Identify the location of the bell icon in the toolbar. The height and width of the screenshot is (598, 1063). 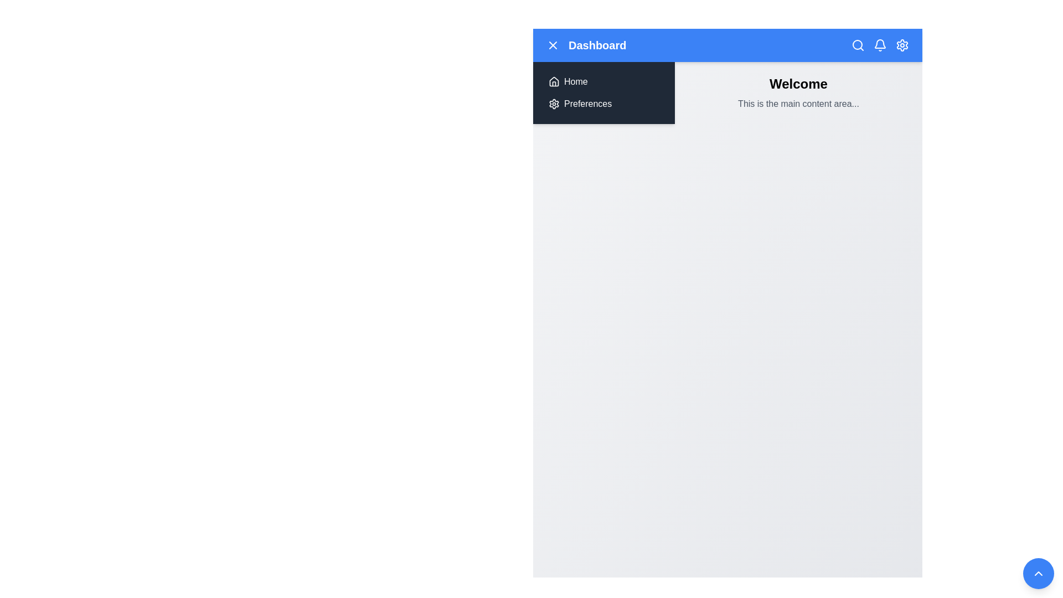
(879, 44).